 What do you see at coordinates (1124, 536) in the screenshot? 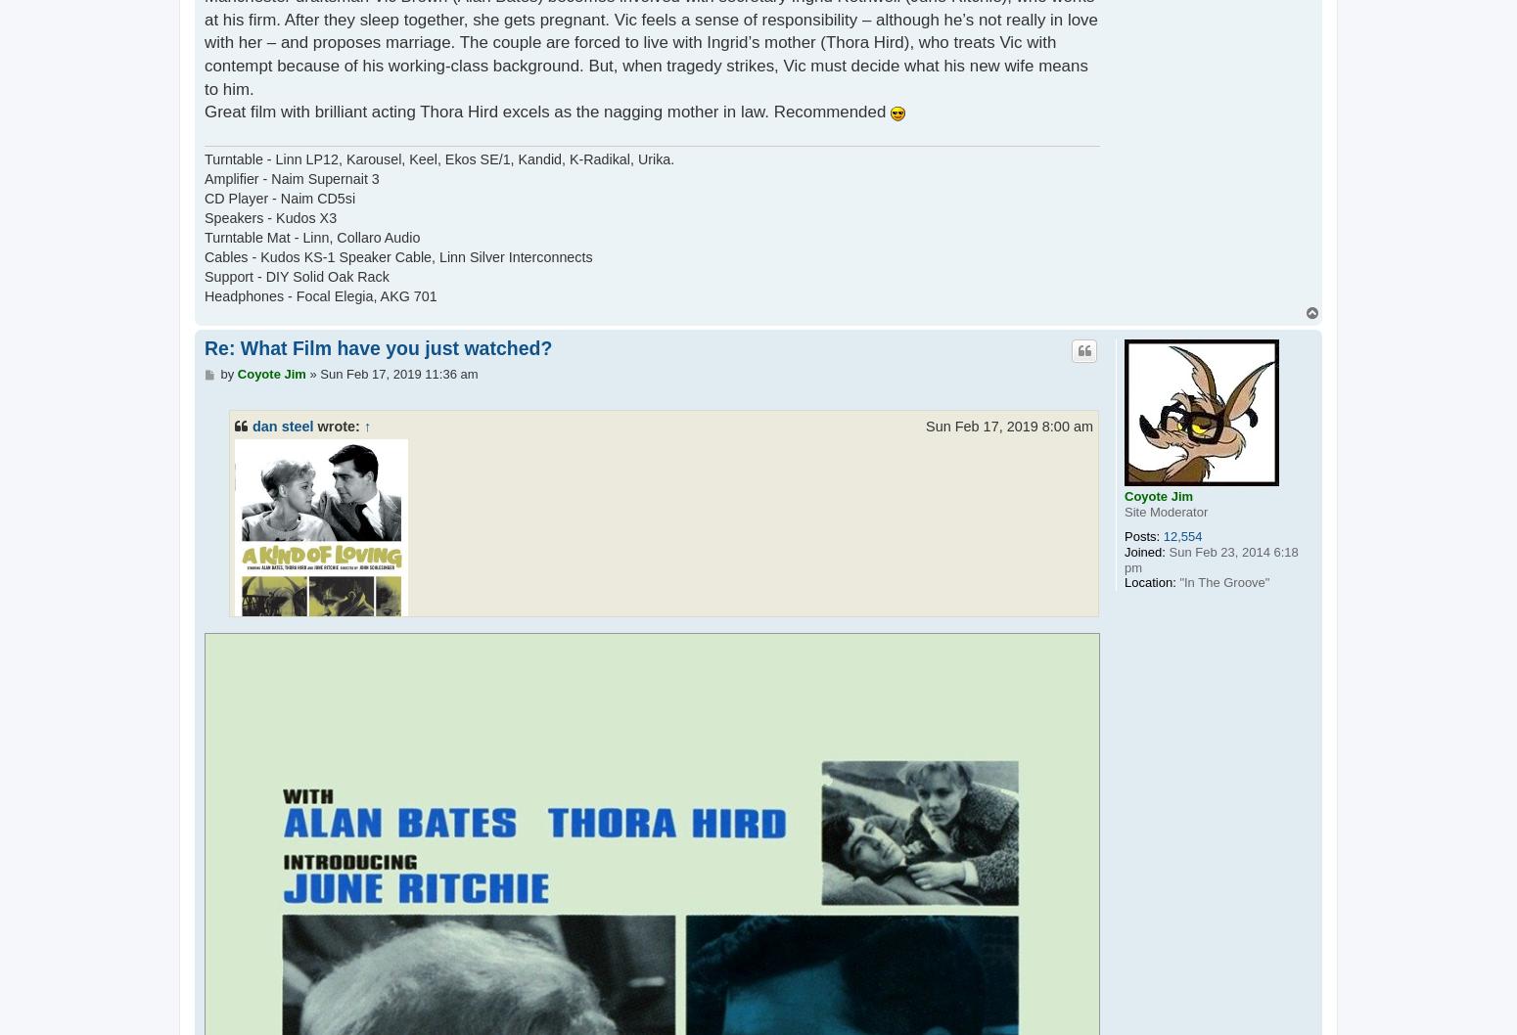
I see `'Posts:'` at bounding box center [1124, 536].